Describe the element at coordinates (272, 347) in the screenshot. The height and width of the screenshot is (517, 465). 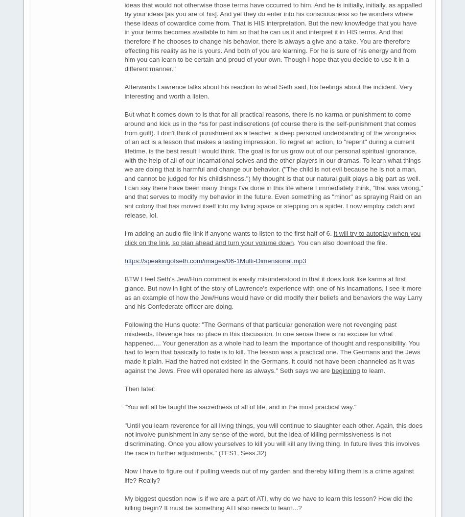
I see `'Following the Huns quote: "The Germans of that particular generation were not revenging past misdeeds. Revenge has no place in this discussion. In one sense there is no excuse for what happened.... Your generation as a whole had to learn the importance of thought and responsibility. You had to learn that basically to hate is to kill. The lesson was a practical one. The Germans and the Jews made it plain. Had the hatred not existed in the Germans, it could not have been channeled as it was against the Jews. Free will operated here as always." Seth says we are'` at that location.